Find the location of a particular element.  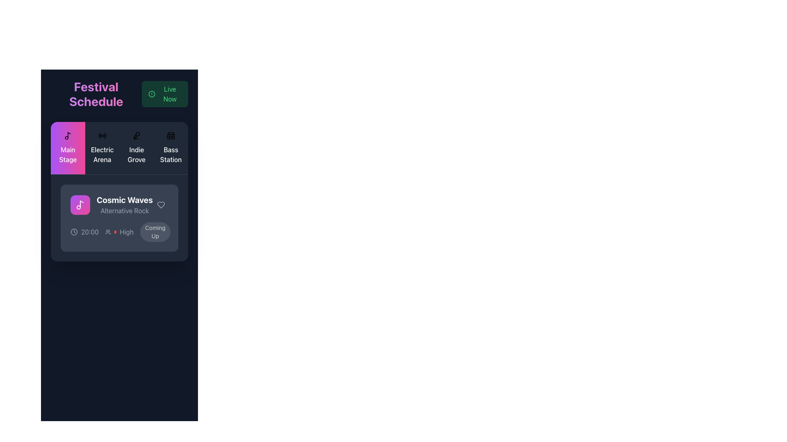

the text label reading 'Bass Station', which is the last element in a vertical list of stage labels for schedule navigation, styled with a medium-weight font and white color against a dark background is located at coordinates (171, 155).